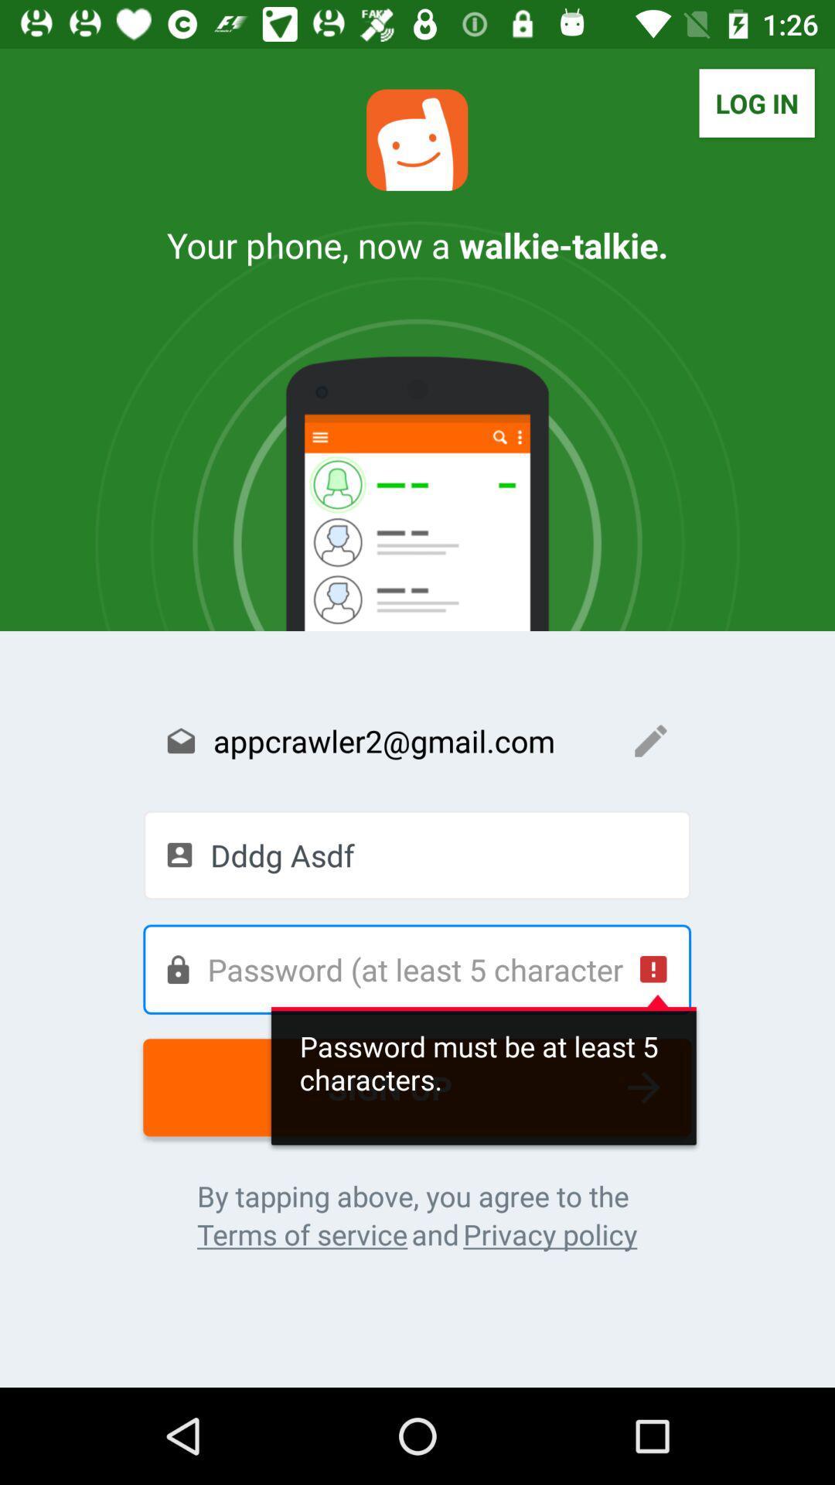 Image resolution: width=835 pixels, height=1485 pixels. I want to click on password, so click(416, 968).